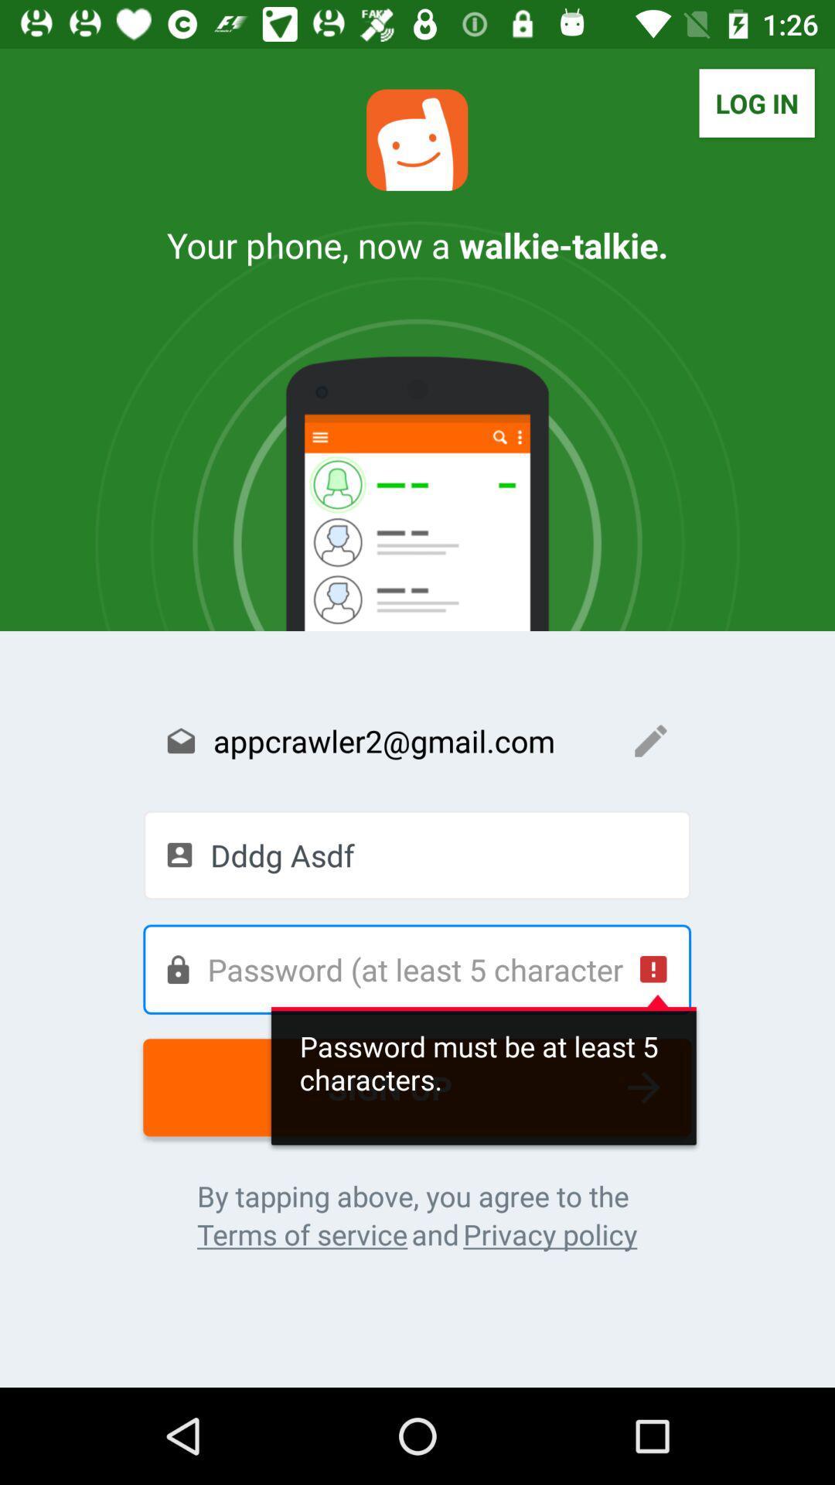 Image resolution: width=835 pixels, height=1485 pixels. I want to click on password, so click(416, 968).